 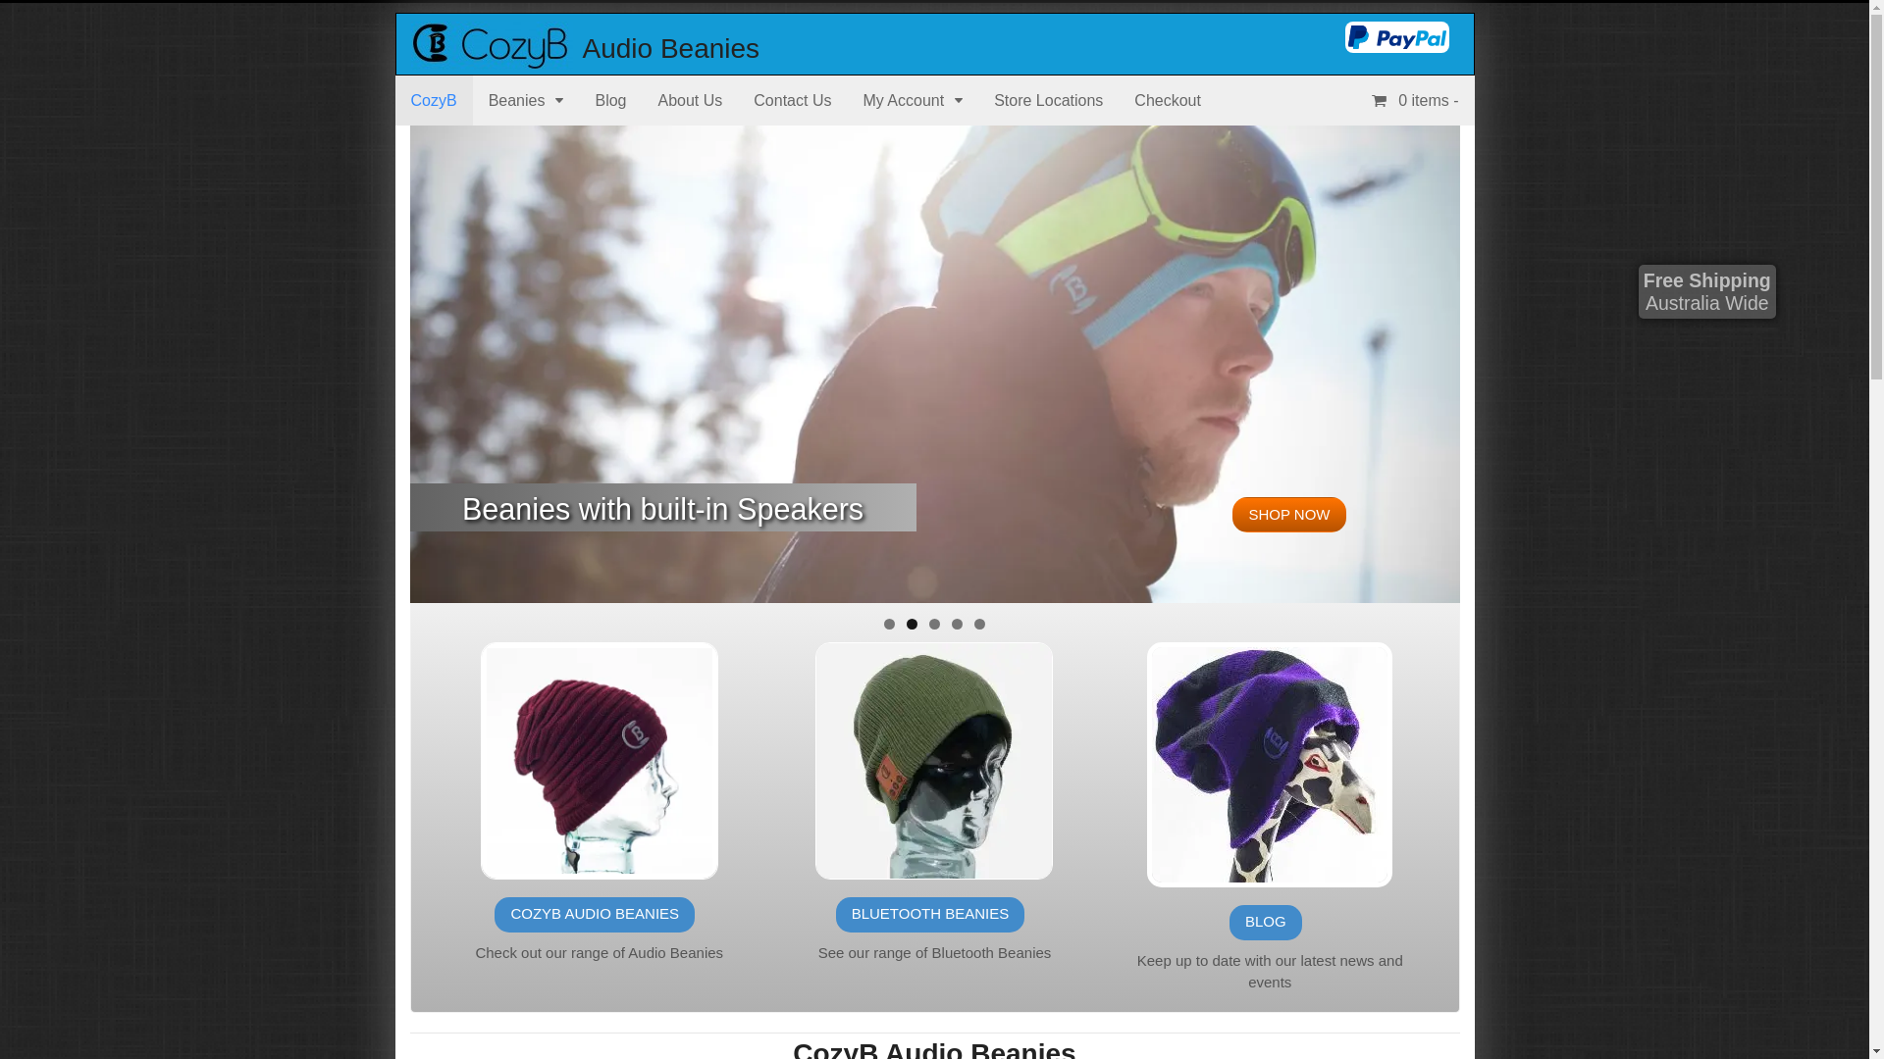 I want to click on 'My Account', so click(x=912, y=100).